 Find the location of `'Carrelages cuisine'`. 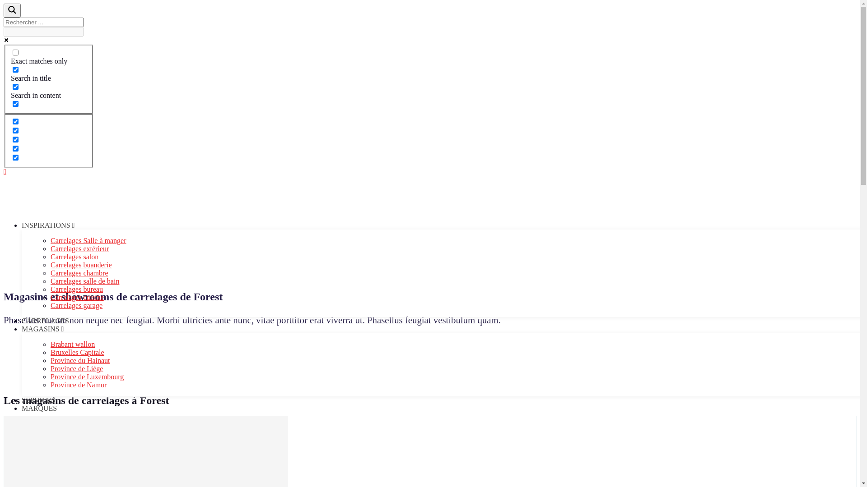

'Carrelages cuisine' is located at coordinates (50, 297).